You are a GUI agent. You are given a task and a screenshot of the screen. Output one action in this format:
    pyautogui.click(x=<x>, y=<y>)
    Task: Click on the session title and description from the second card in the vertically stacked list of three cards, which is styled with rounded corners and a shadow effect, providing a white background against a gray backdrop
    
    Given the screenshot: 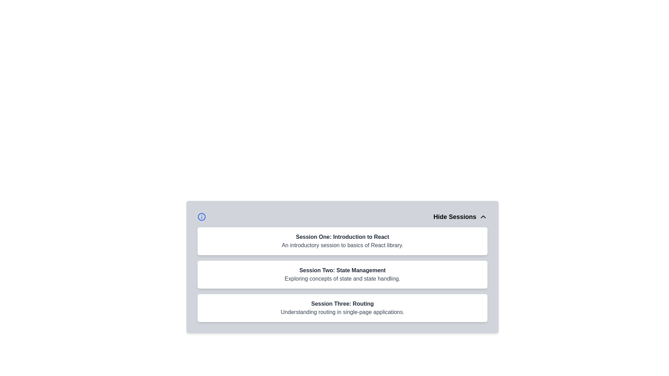 What is the action you would take?
    pyautogui.click(x=343, y=267)
    